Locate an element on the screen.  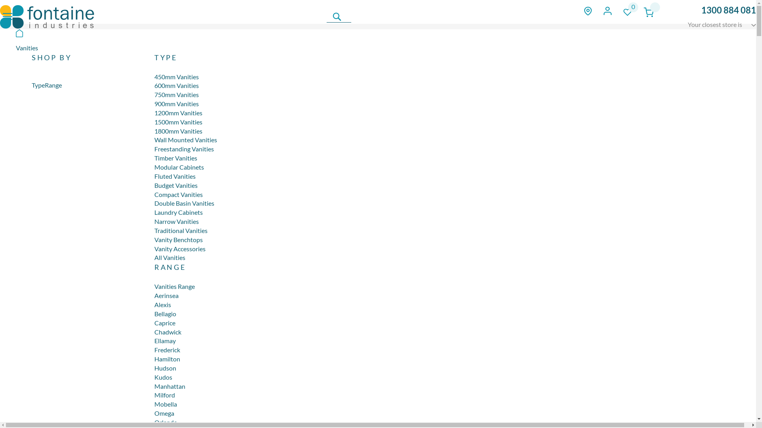
'Vanity Accessories' is located at coordinates (179, 248).